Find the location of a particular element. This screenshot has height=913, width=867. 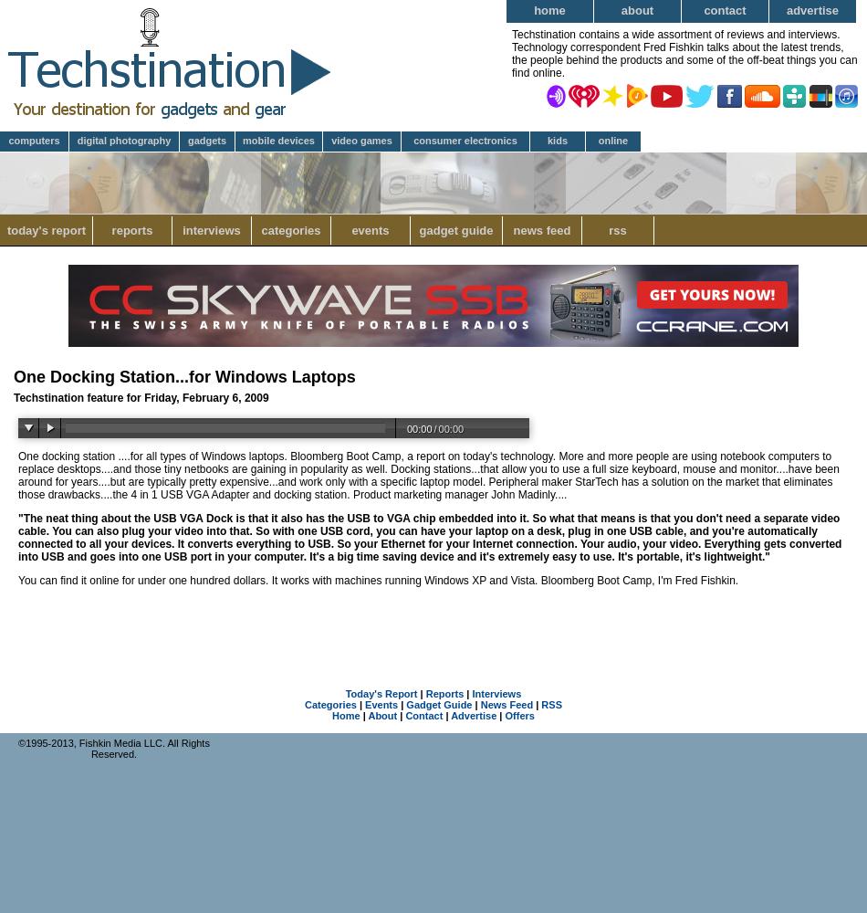

'One docking station ....for all types of Windows laptops.    Bloomberg Boot Camp, a report on today's technology.       More and more people are using notebook computers to replace desktops....and those tiny netbooks are gaining in popularity as well.    Docking stations...that allow you to use a full size keyboard,  mouse and monitor....have been around for years....but are typically pretty expensive...and work only with a specific laptop model.   Peripheral maker StarTech has a solution on the market that eliminates those drawbacks....the 4 in 1 USB VGA Adapter and docking station.   Product marketing manager John Madinly....' is located at coordinates (427, 476).